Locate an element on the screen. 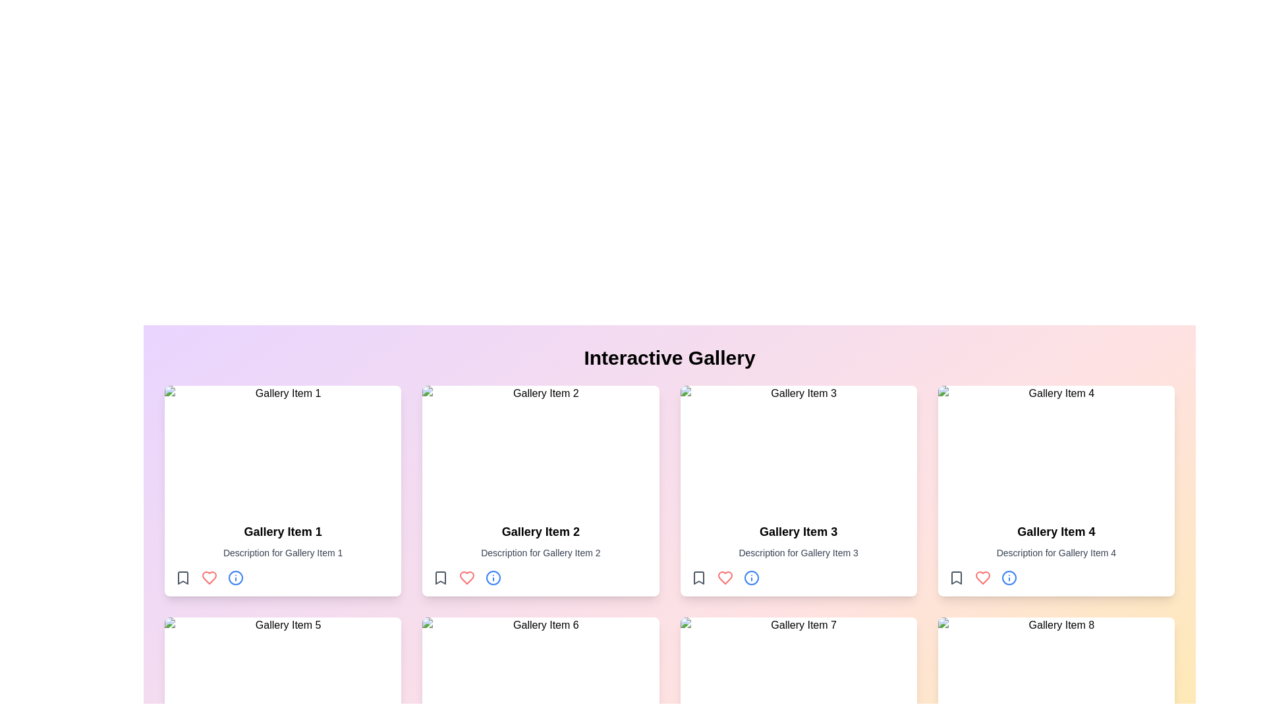  the text block titled 'Gallery Item 2' is located at coordinates (540, 554).